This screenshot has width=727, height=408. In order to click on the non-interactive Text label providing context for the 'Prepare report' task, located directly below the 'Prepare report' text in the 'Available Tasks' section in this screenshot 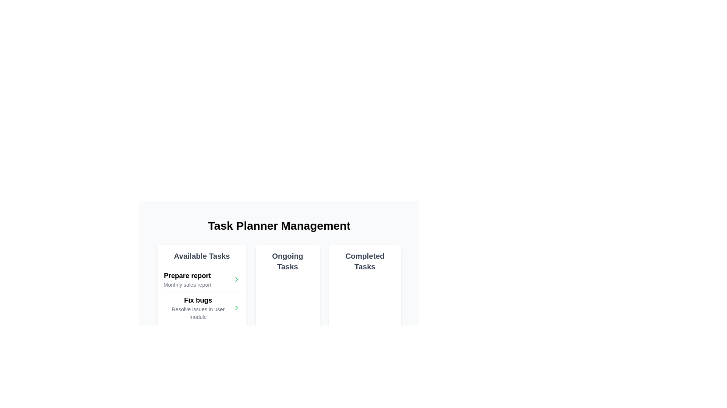, I will do `click(187, 284)`.